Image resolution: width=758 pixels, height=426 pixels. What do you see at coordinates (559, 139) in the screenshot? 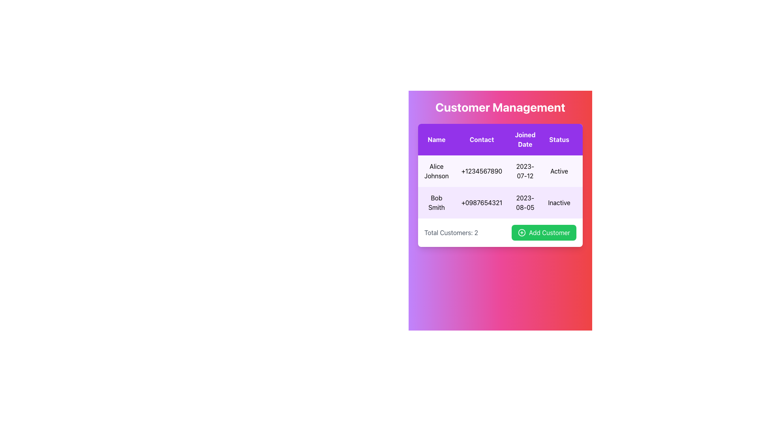
I see `the 'Status' text label, which is a column header in a table, displayed in white font on a purple rectangular background` at bounding box center [559, 139].